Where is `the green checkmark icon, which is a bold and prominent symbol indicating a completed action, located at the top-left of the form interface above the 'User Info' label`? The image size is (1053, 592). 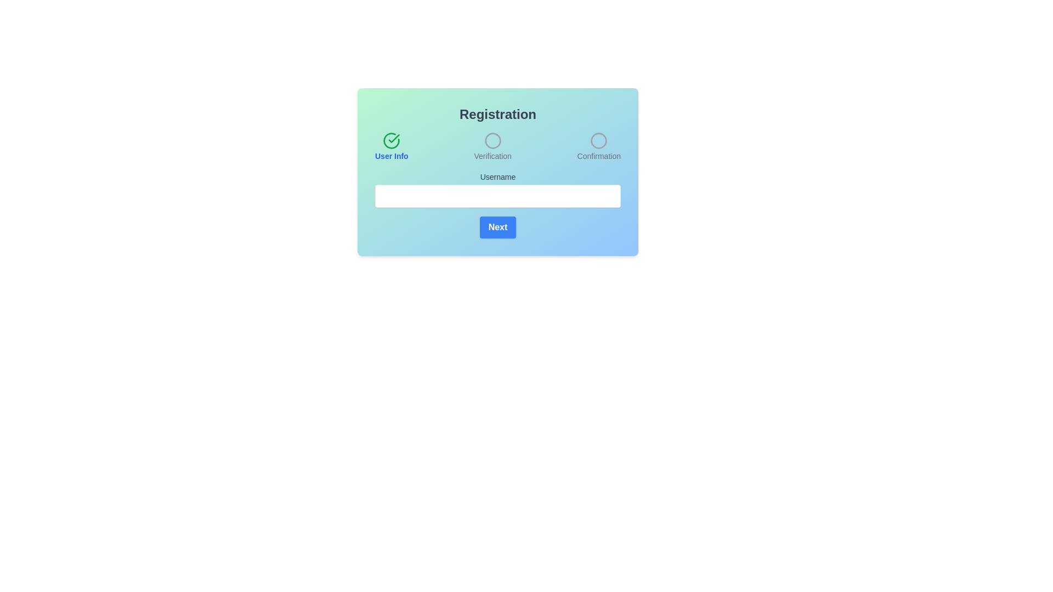 the green checkmark icon, which is a bold and prominent symbol indicating a completed action, located at the top-left of the form interface above the 'User Info' label is located at coordinates (394, 138).